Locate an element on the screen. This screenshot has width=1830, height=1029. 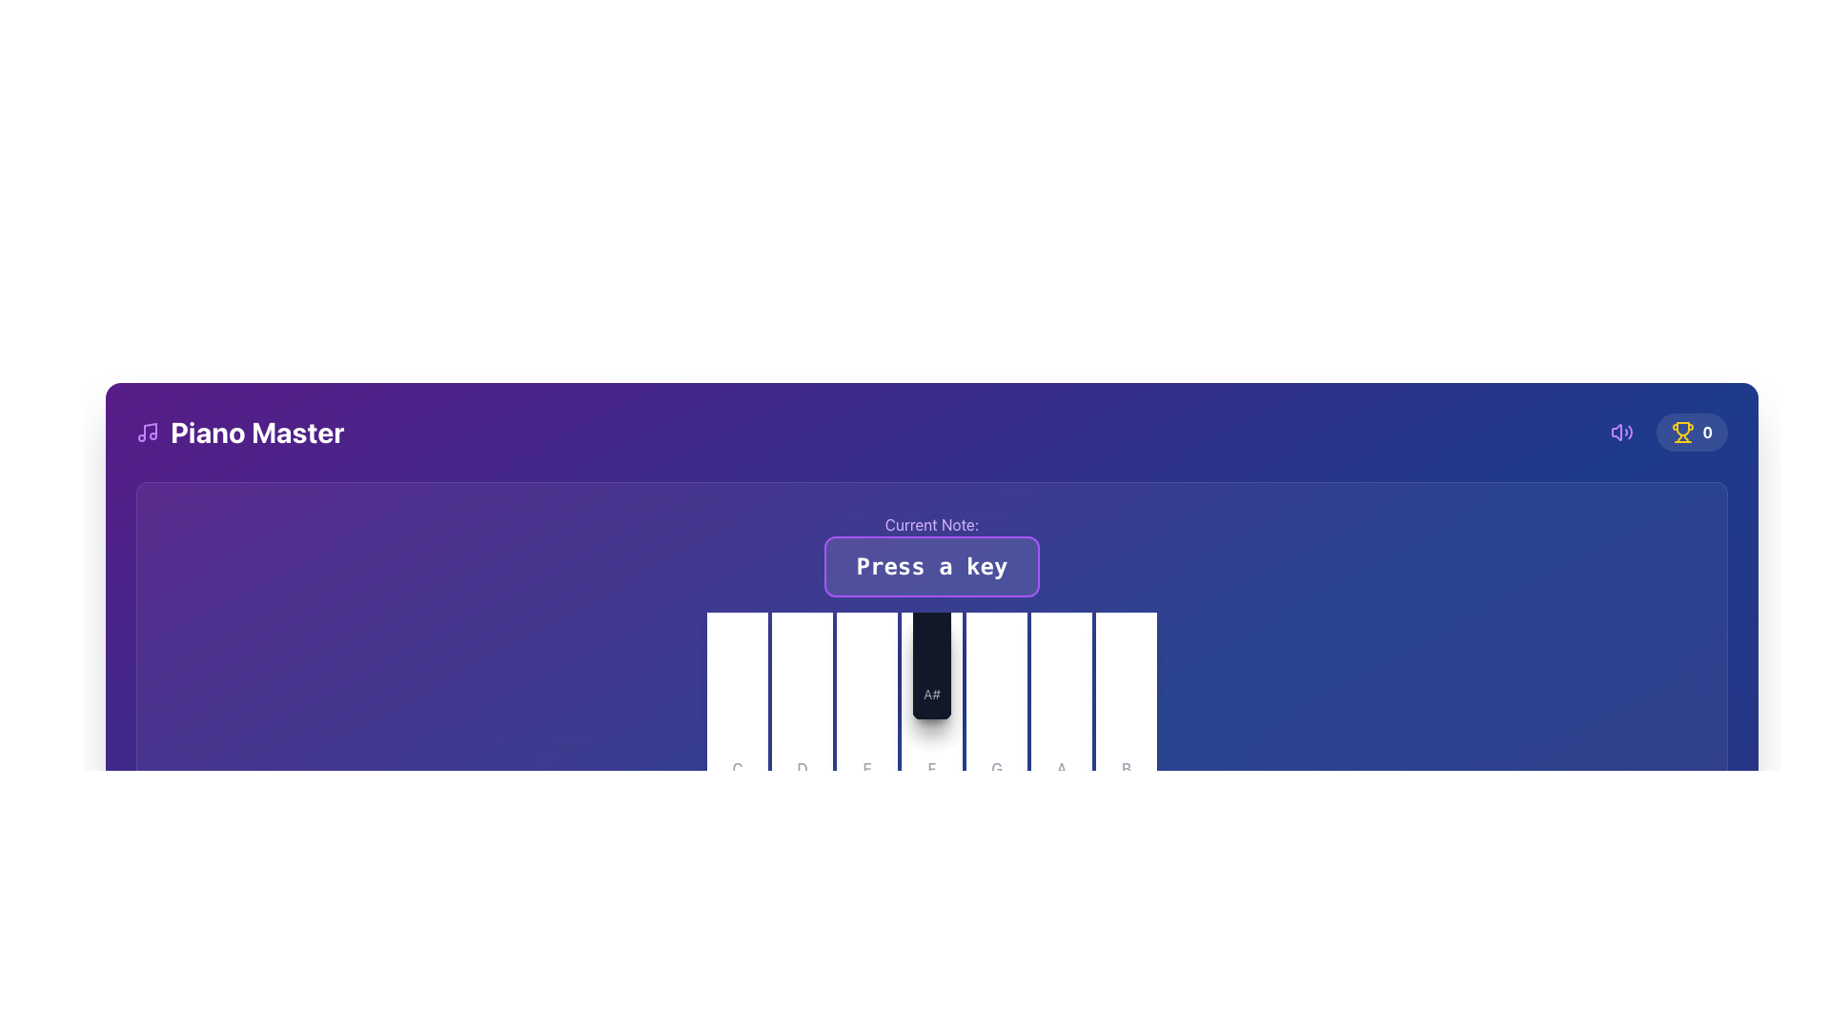
the musical note 'B' button located in the lower section of the virtual piano interface to play the corresponding note is located at coordinates (1126, 704).